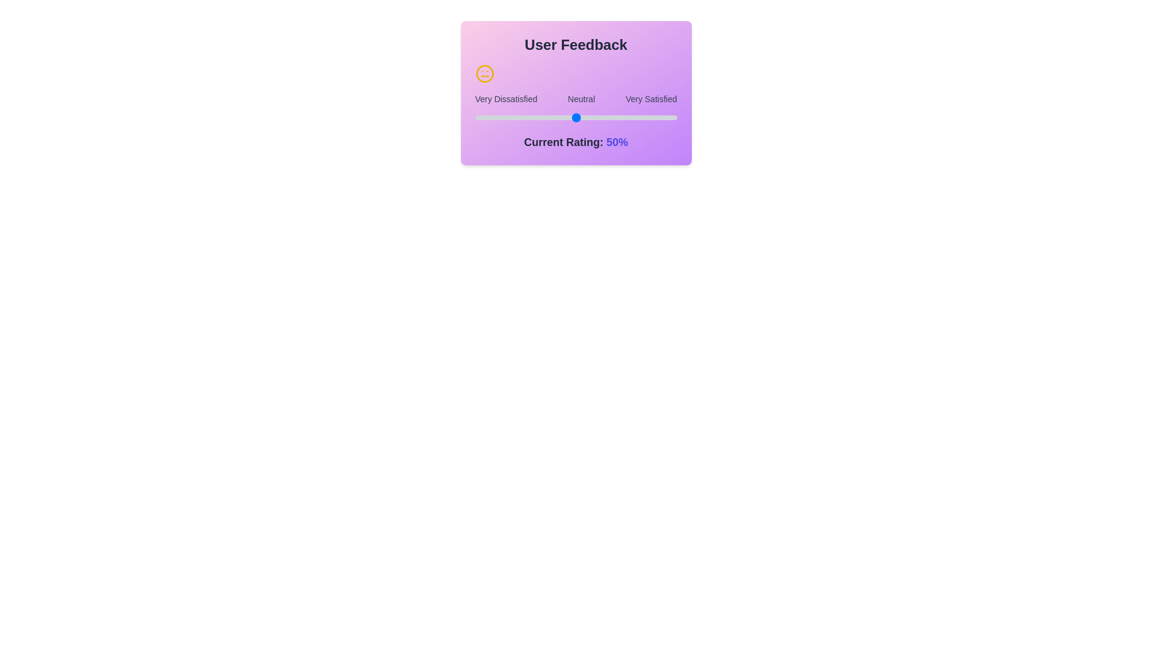  Describe the element at coordinates (478, 118) in the screenshot. I see `the slider to set the rating to 2%` at that location.